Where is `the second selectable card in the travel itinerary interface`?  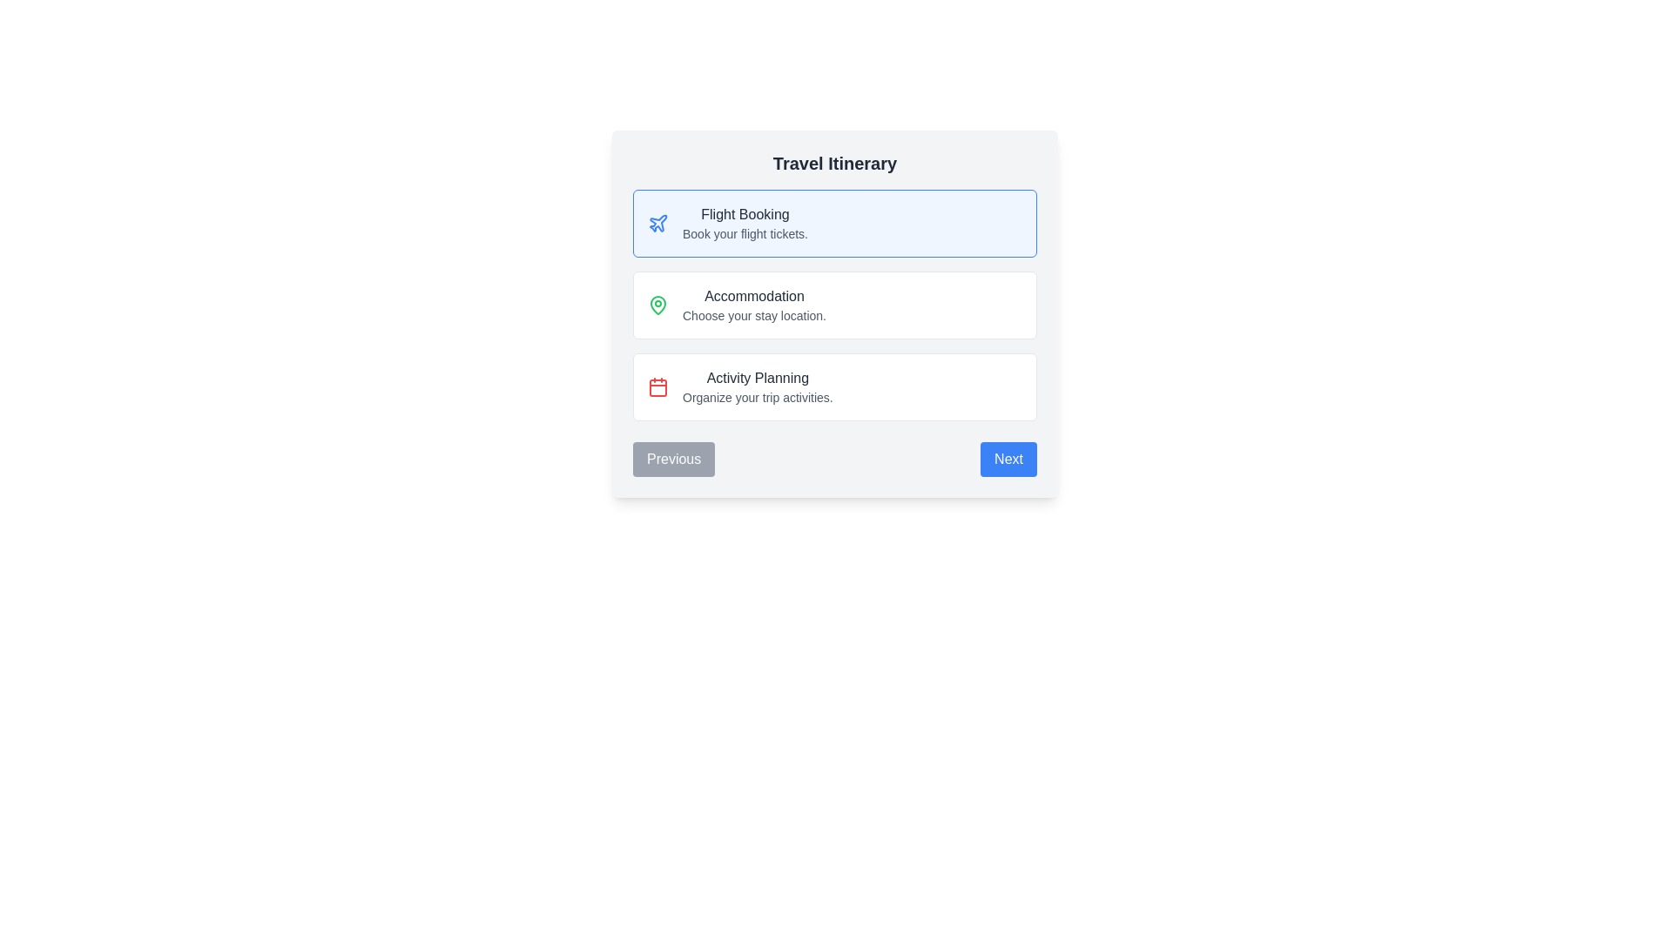 the second selectable card in the travel itinerary interface is located at coordinates (834, 305).